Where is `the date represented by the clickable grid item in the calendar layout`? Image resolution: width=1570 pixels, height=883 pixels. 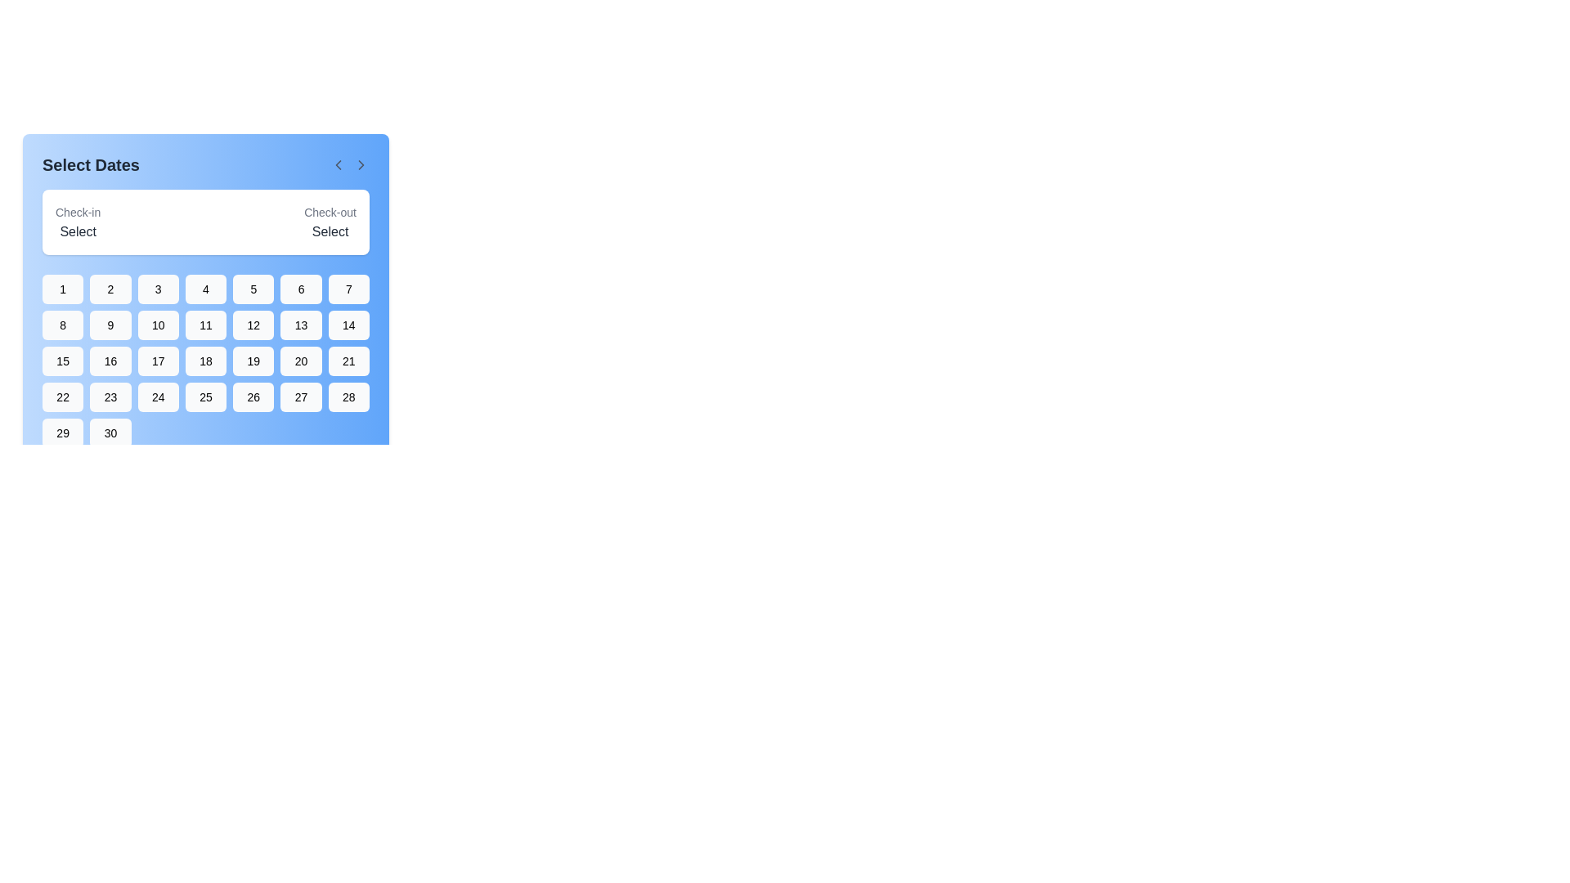 the date represented by the clickable grid item in the calendar layout is located at coordinates (205, 300).